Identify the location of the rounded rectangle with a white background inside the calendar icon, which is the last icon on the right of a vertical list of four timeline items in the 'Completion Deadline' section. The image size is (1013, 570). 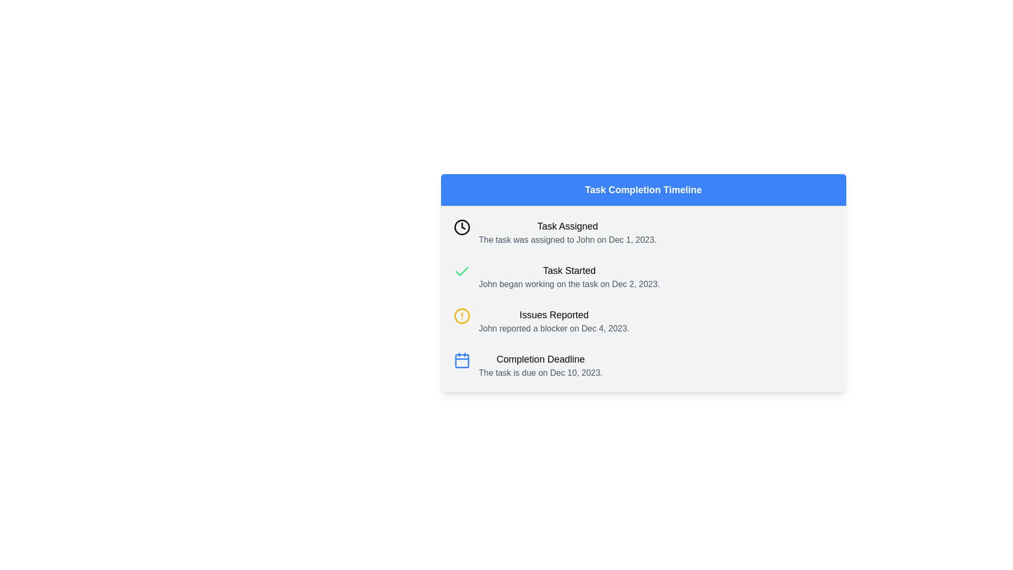
(462, 360).